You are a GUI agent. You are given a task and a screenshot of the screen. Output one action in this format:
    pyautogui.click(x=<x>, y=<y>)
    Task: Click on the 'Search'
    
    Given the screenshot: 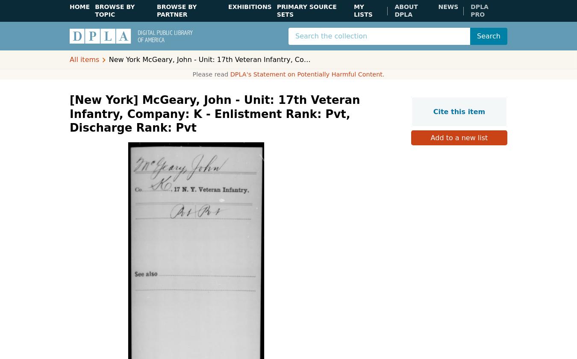 What is the action you would take?
    pyautogui.click(x=488, y=36)
    